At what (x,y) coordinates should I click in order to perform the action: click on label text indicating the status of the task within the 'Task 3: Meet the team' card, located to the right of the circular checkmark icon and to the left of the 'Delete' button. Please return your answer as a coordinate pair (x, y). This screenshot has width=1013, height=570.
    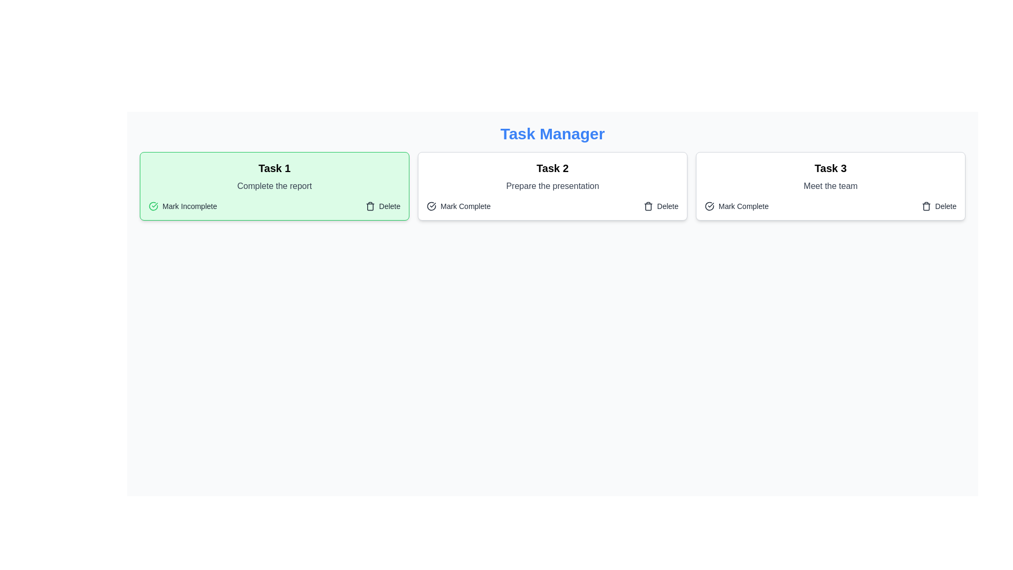
    Looking at the image, I should click on (743, 206).